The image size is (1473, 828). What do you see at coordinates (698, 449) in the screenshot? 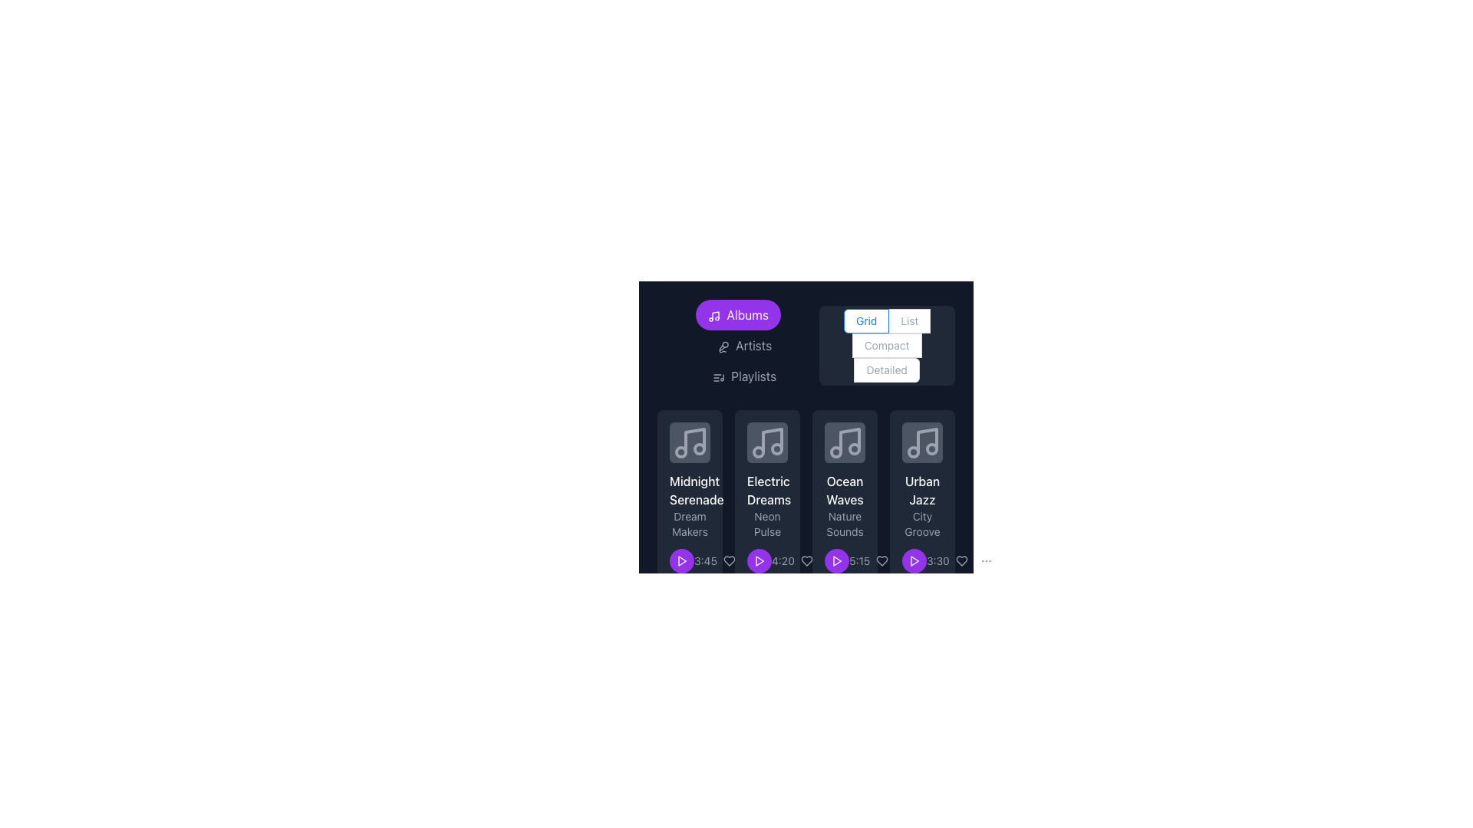
I see `the musical note icon located in the third album card from the left, which visually represents music-related content` at bounding box center [698, 449].